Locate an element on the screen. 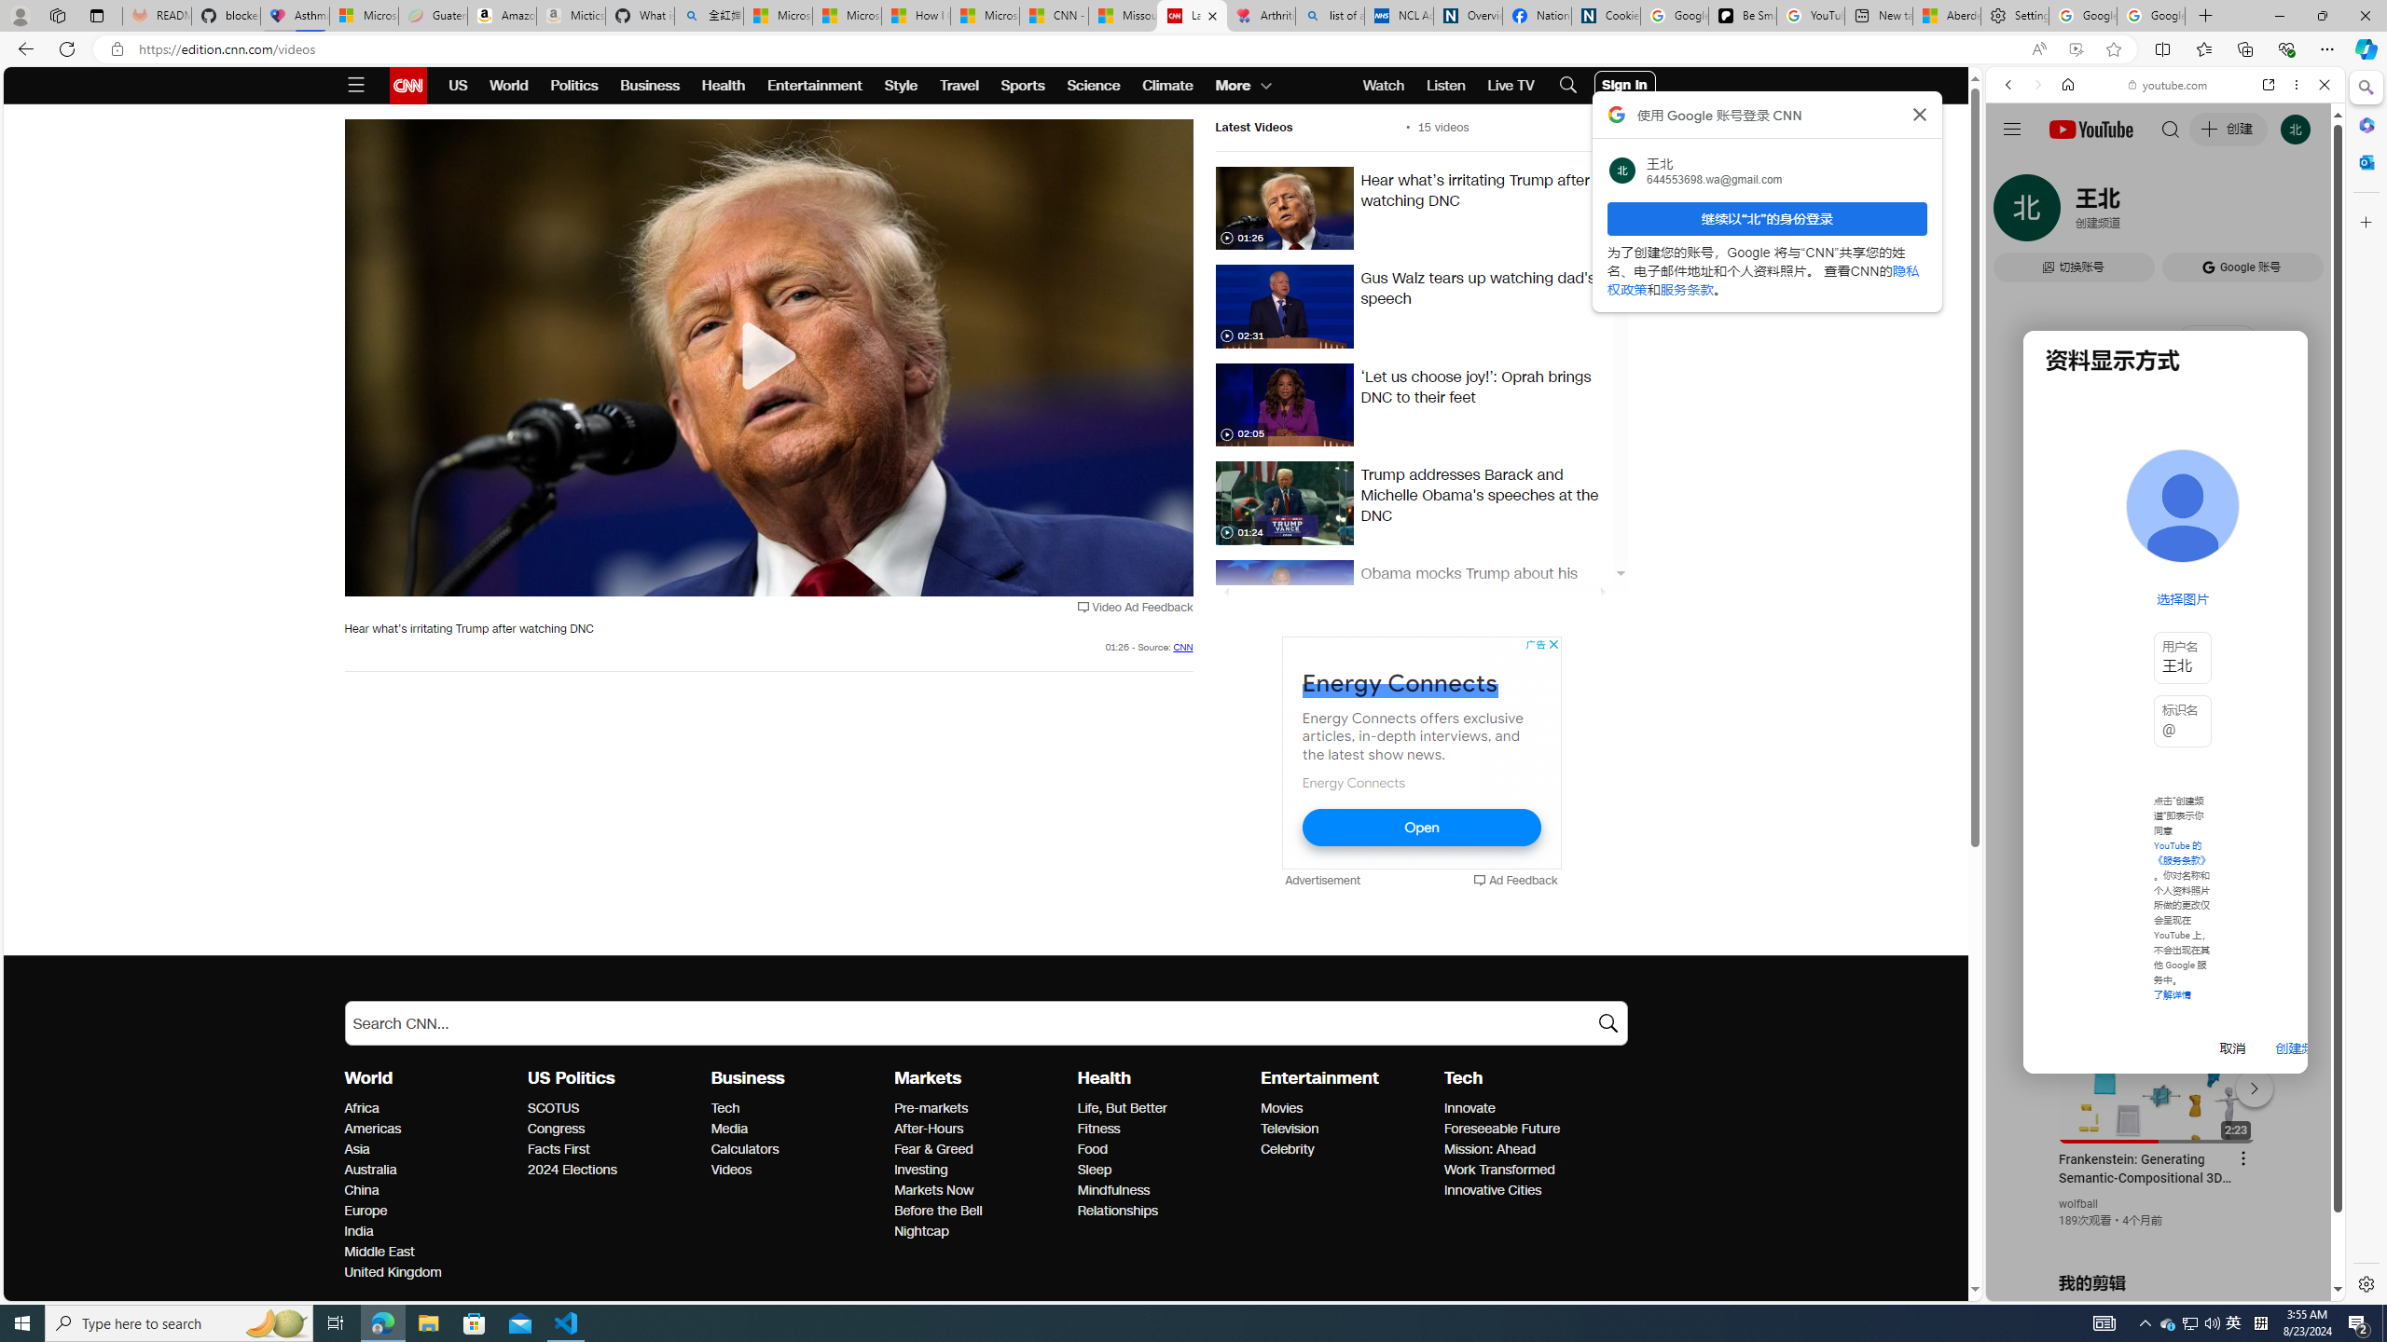 This screenshot has width=2387, height=1342. 'Markets After-Hours' is located at coordinates (929, 1128).